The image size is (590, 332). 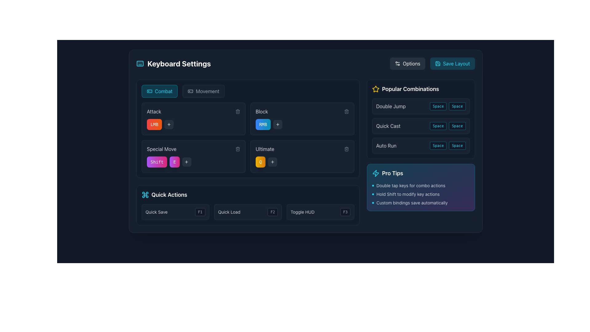 What do you see at coordinates (174, 162) in the screenshot?
I see `the stylized square button with rounded corners, shaded with a gradient from purple to pink, featuring a white letter 'E' in the center, located in the 'Keyboard Settings' section under 'Special Move'` at bounding box center [174, 162].